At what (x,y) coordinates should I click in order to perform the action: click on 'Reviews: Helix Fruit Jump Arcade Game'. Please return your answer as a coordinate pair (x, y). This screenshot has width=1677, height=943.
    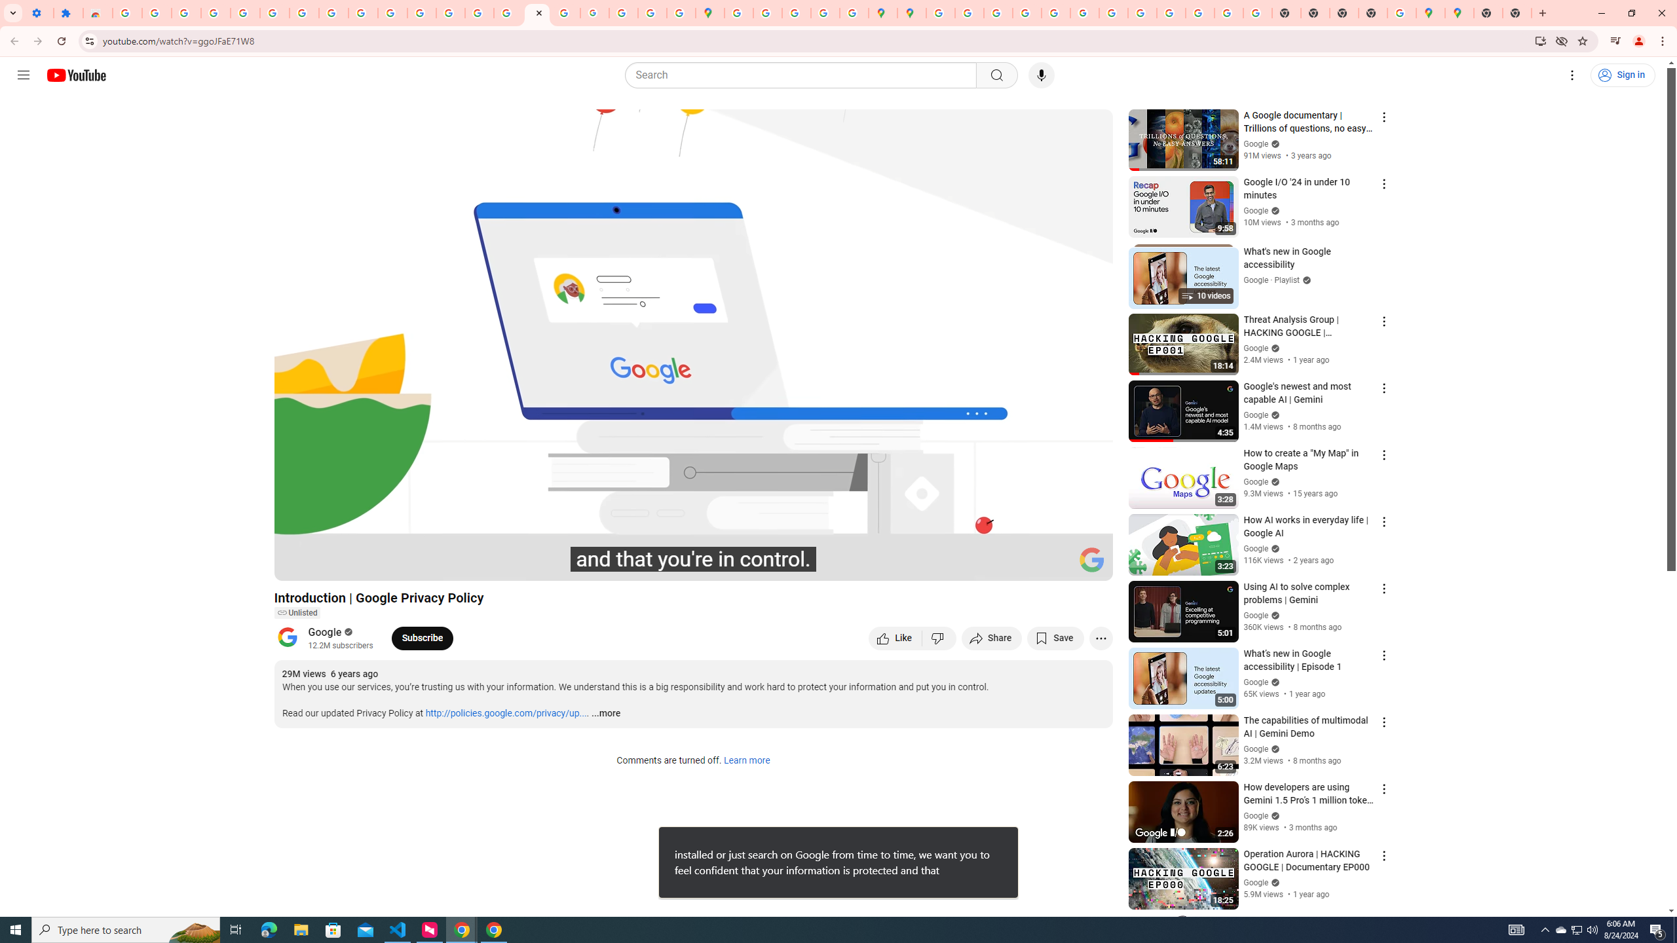
    Looking at the image, I should click on (97, 12).